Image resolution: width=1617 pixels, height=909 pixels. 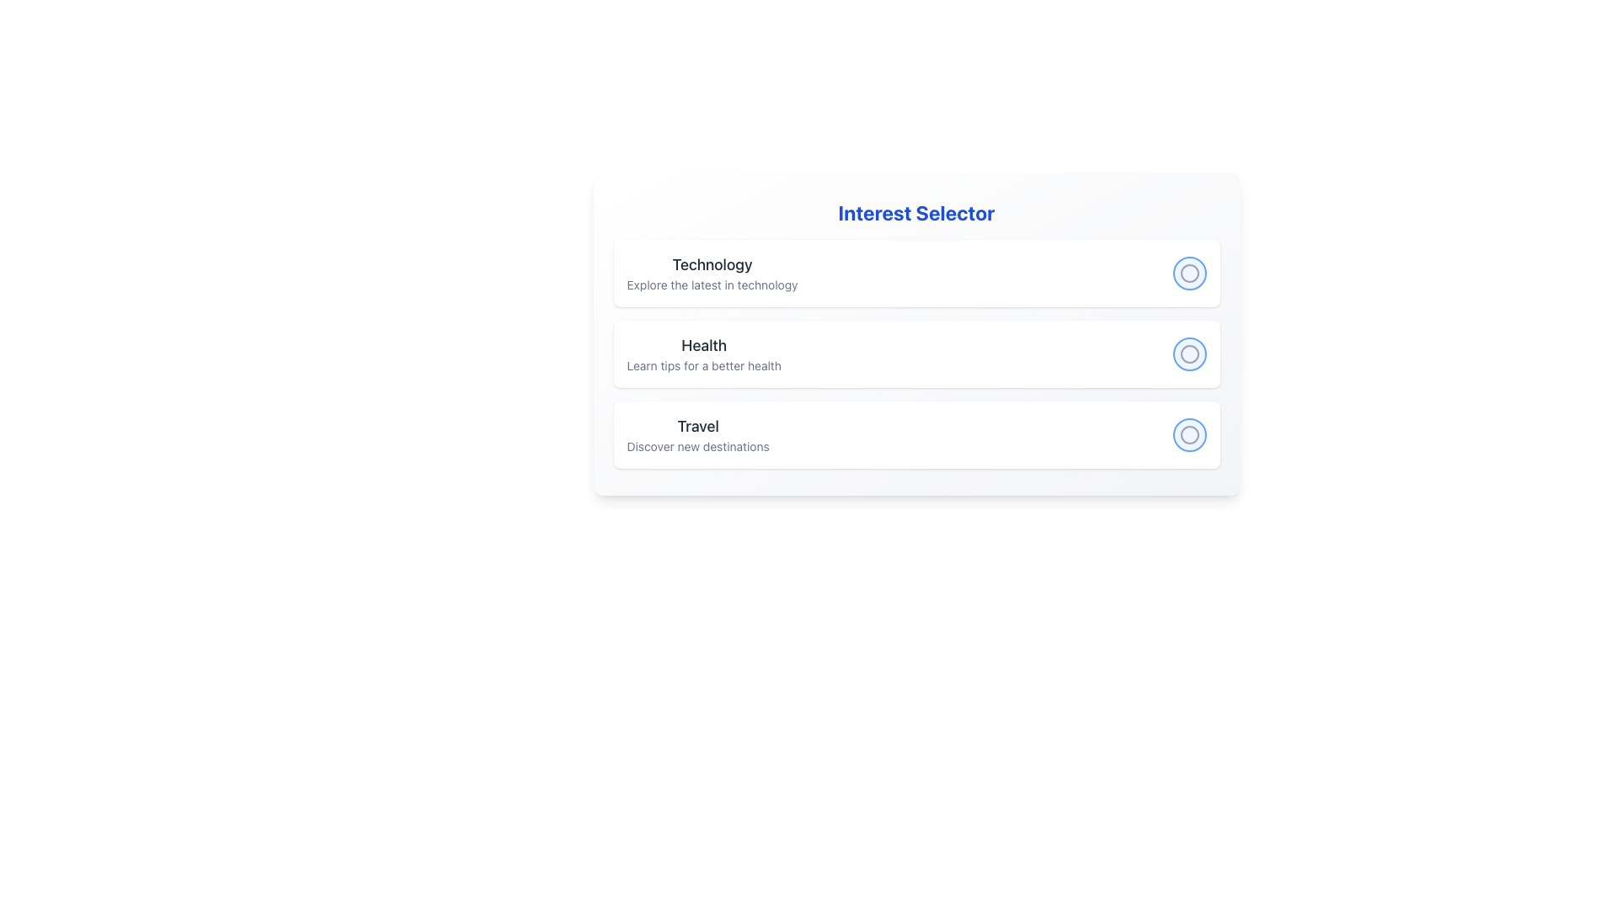 I want to click on the circular radio button with a light blue background located to the far right of the 'Technology' card in the interest selection panel, so click(x=1188, y=272).